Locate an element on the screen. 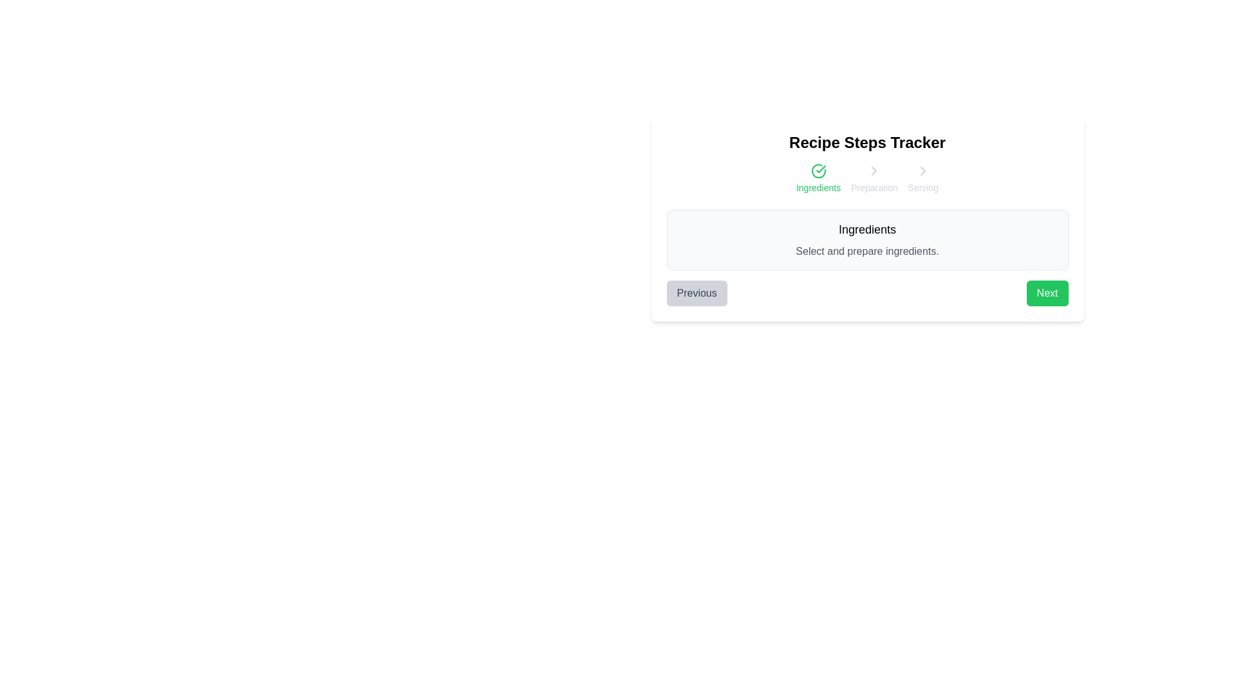 This screenshot has width=1236, height=695. the 'Ingredients' step in the stepper component, which features a green checkmark icon and text, indicating an active and completed state is located at coordinates (818, 178).